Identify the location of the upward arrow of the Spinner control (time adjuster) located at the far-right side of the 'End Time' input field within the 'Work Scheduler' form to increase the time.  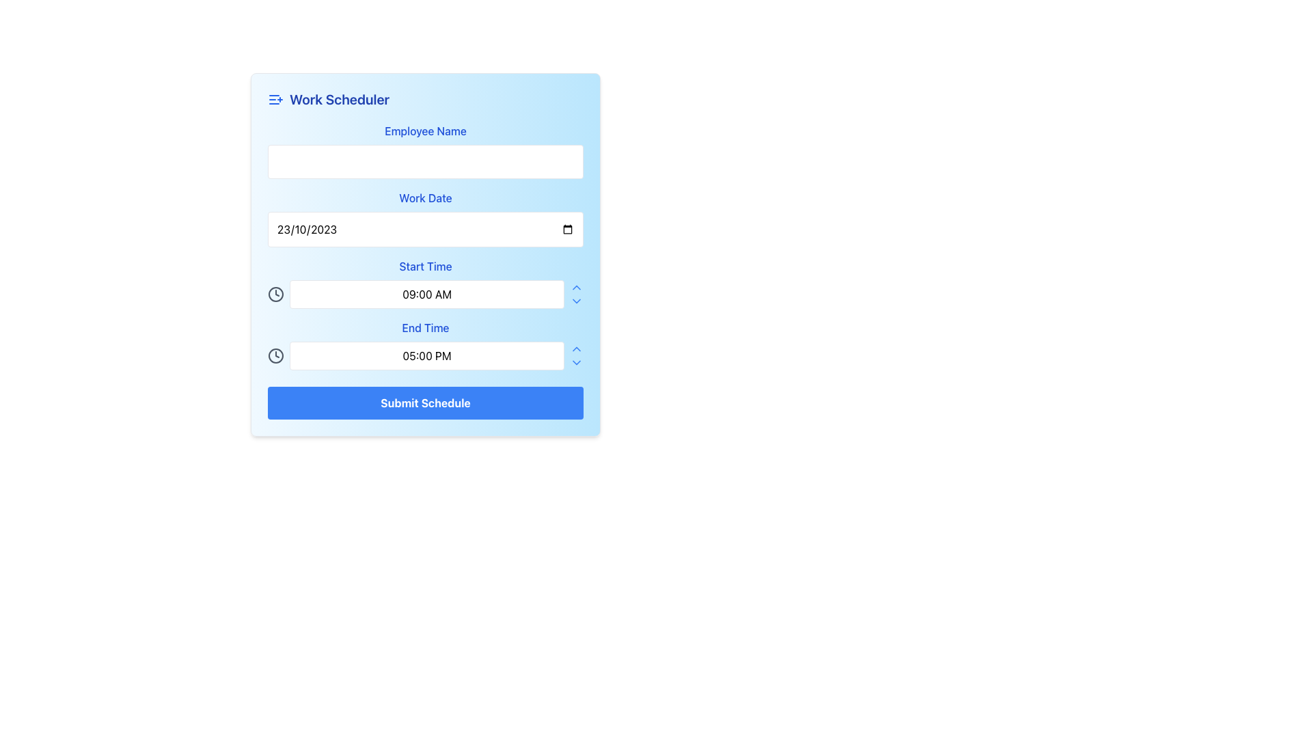
(577, 355).